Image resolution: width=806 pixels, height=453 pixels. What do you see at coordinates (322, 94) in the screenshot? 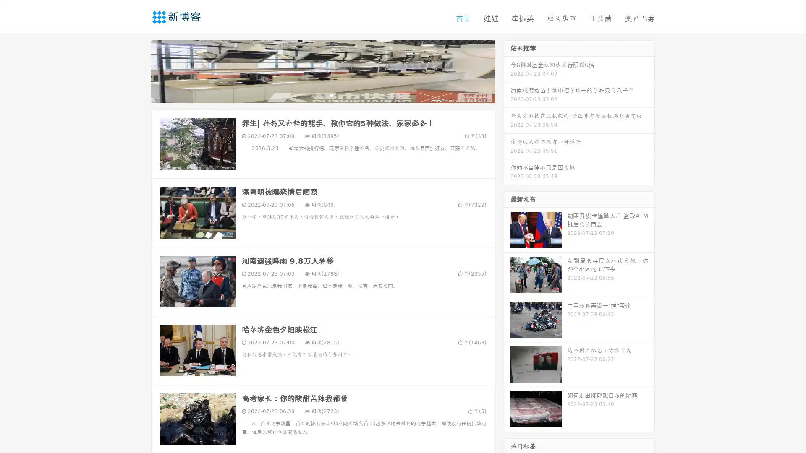
I see `Go to slide 2` at bounding box center [322, 94].